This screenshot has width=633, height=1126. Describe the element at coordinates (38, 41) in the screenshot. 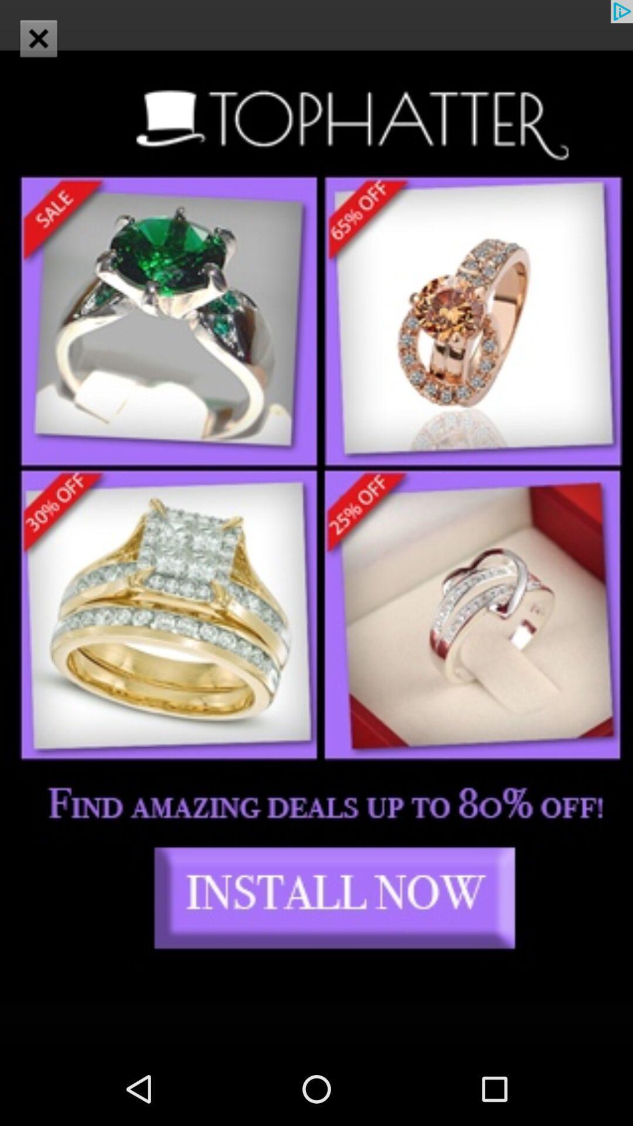

I see `the close icon` at that location.